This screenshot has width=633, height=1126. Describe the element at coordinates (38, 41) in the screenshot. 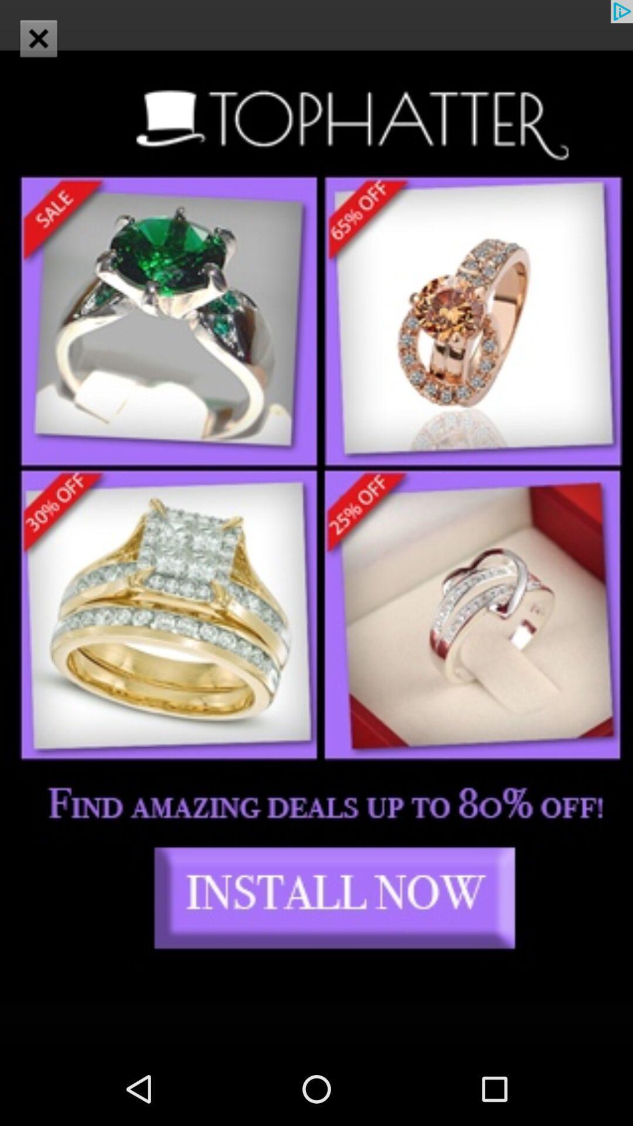

I see `the close icon` at that location.